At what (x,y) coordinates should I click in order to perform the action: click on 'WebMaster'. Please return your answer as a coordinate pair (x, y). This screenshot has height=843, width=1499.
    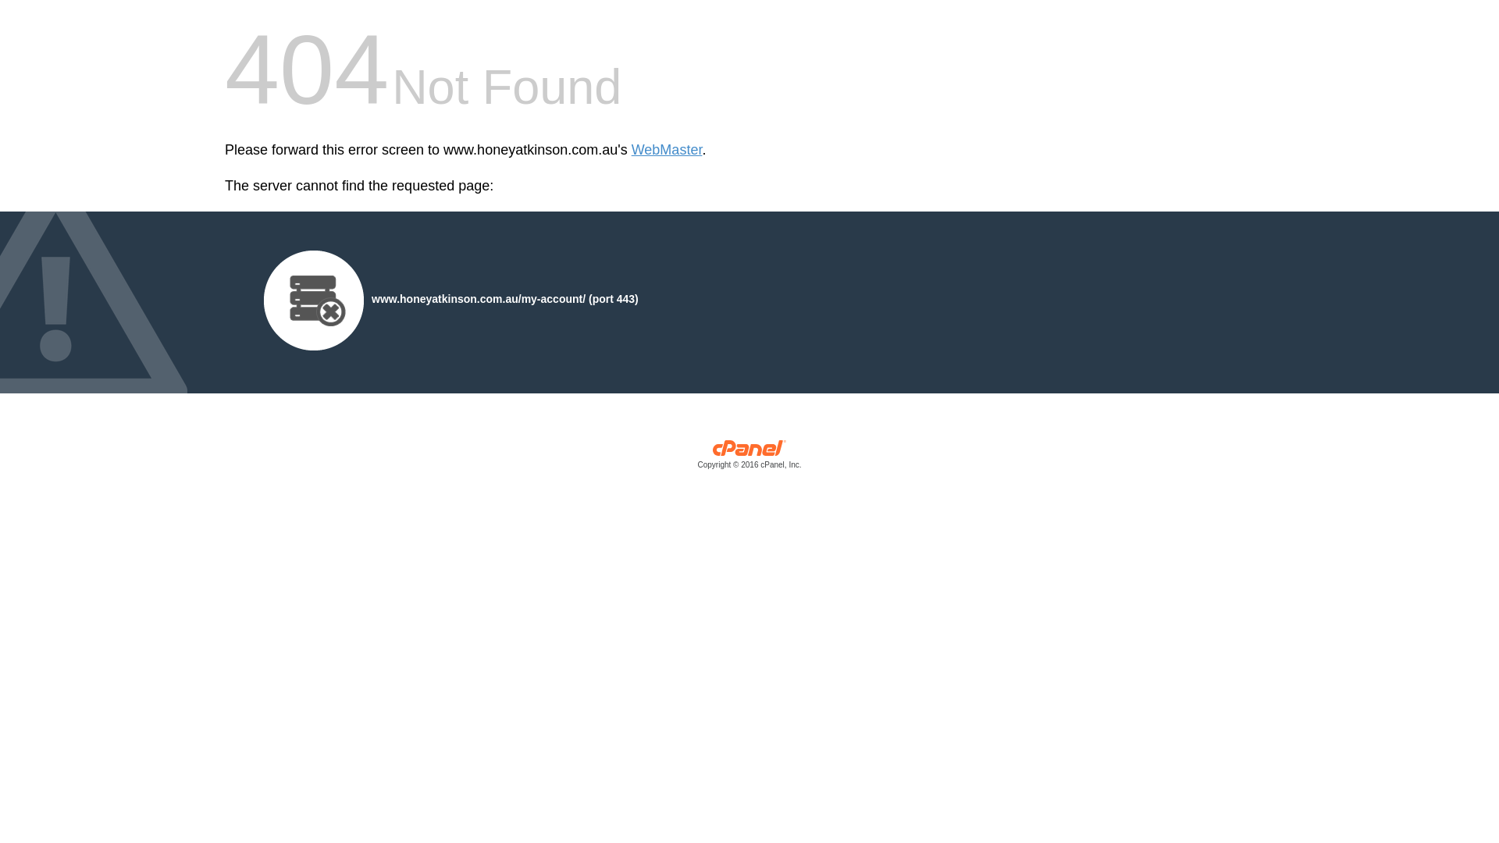
    Looking at the image, I should click on (667, 150).